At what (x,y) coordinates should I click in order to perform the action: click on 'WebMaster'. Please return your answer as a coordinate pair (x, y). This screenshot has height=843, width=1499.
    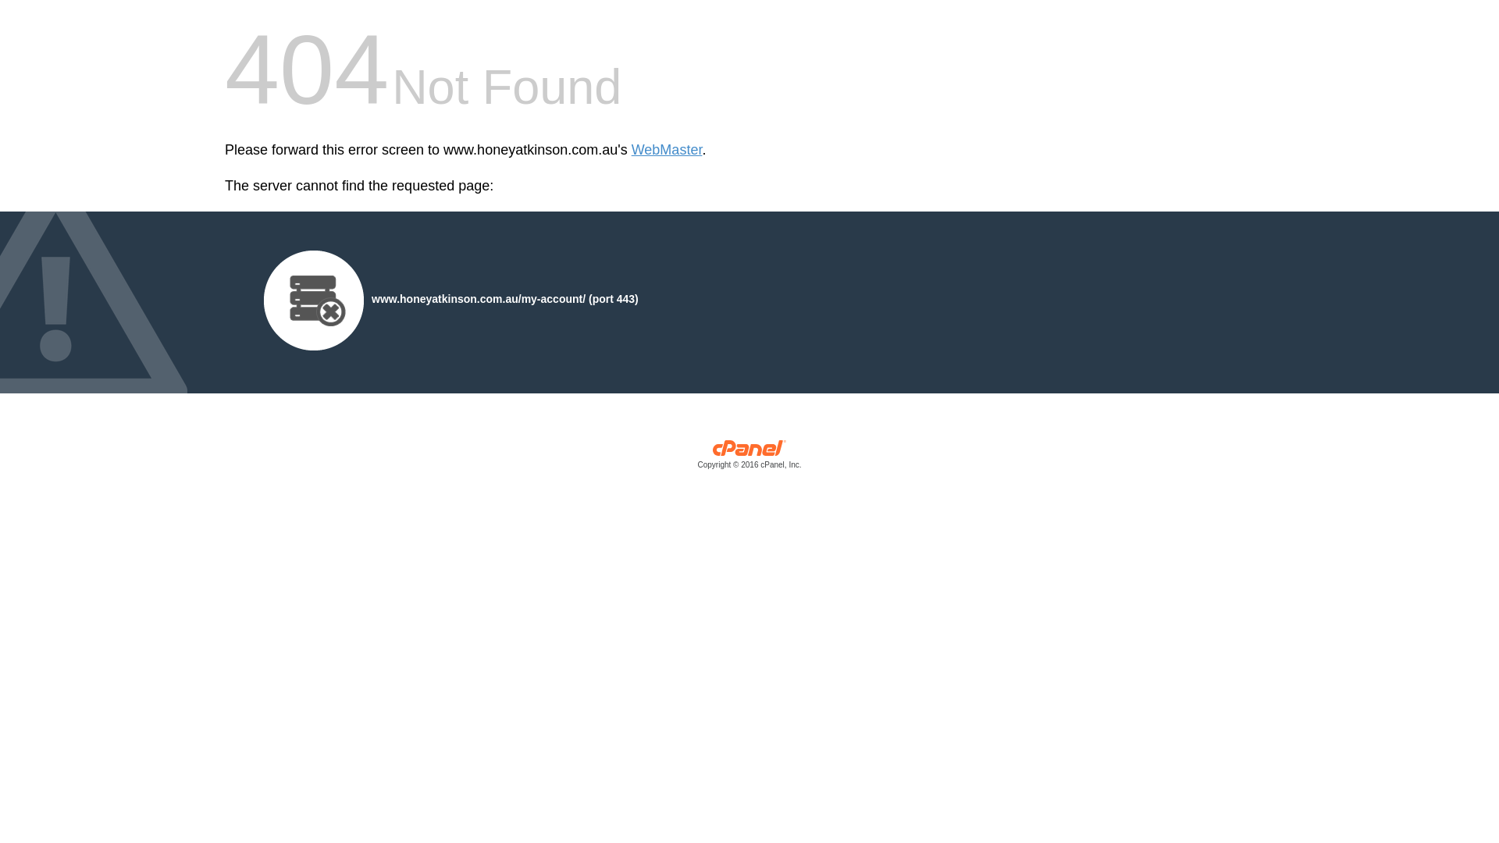
    Looking at the image, I should click on (667, 150).